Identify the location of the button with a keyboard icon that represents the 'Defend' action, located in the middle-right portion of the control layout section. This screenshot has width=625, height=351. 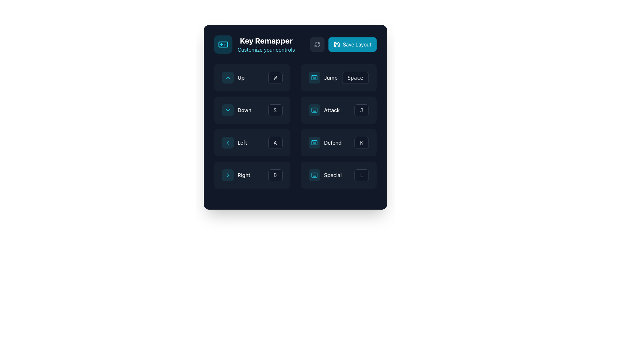
(314, 142).